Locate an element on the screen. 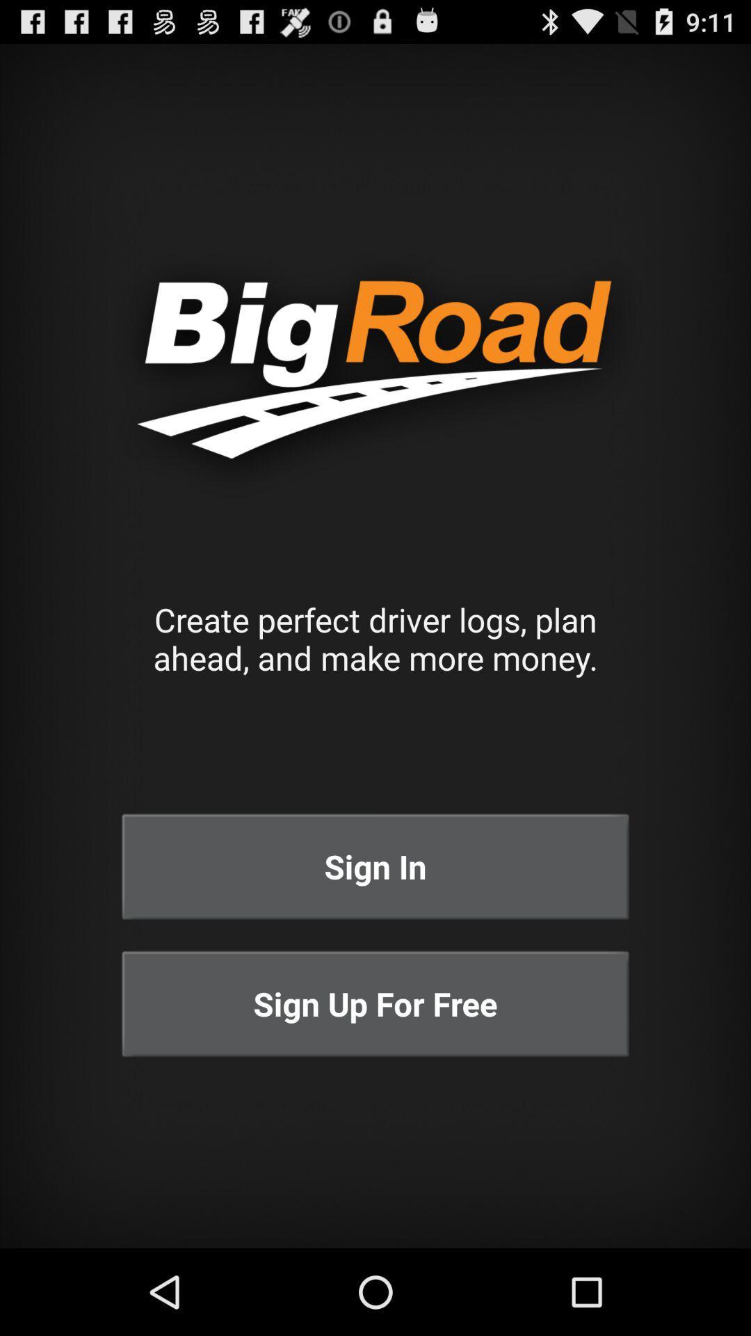 The height and width of the screenshot is (1336, 751). sign in is located at coordinates (375, 866).